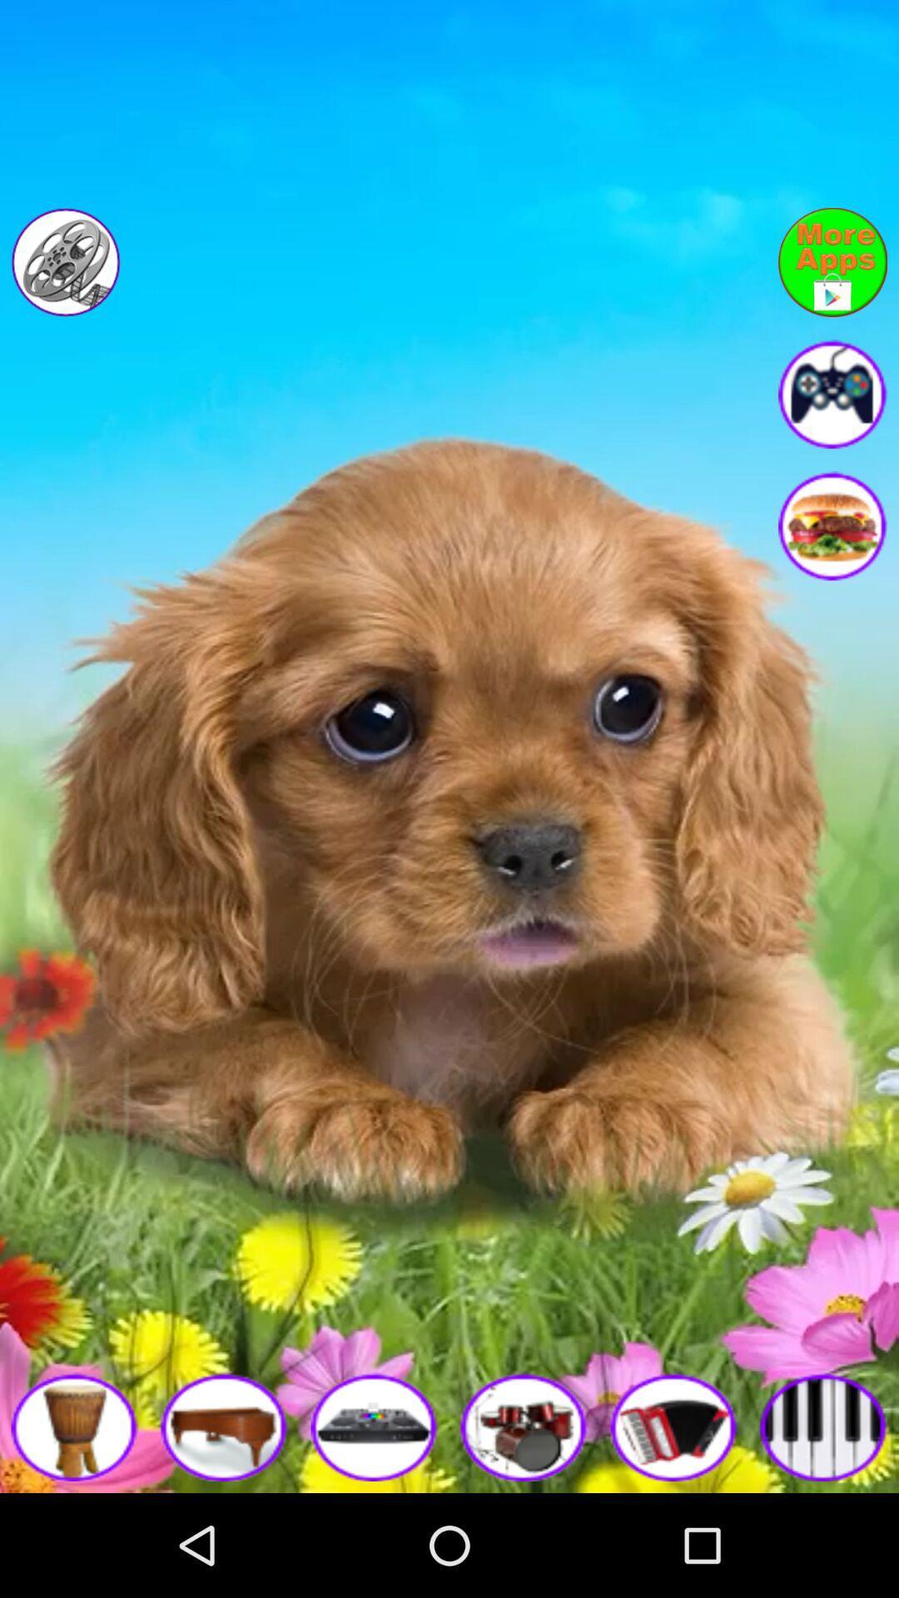 Image resolution: width=899 pixels, height=1598 pixels. What do you see at coordinates (824, 1426) in the screenshot?
I see `switch to piano tab` at bounding box center [824, 1426].